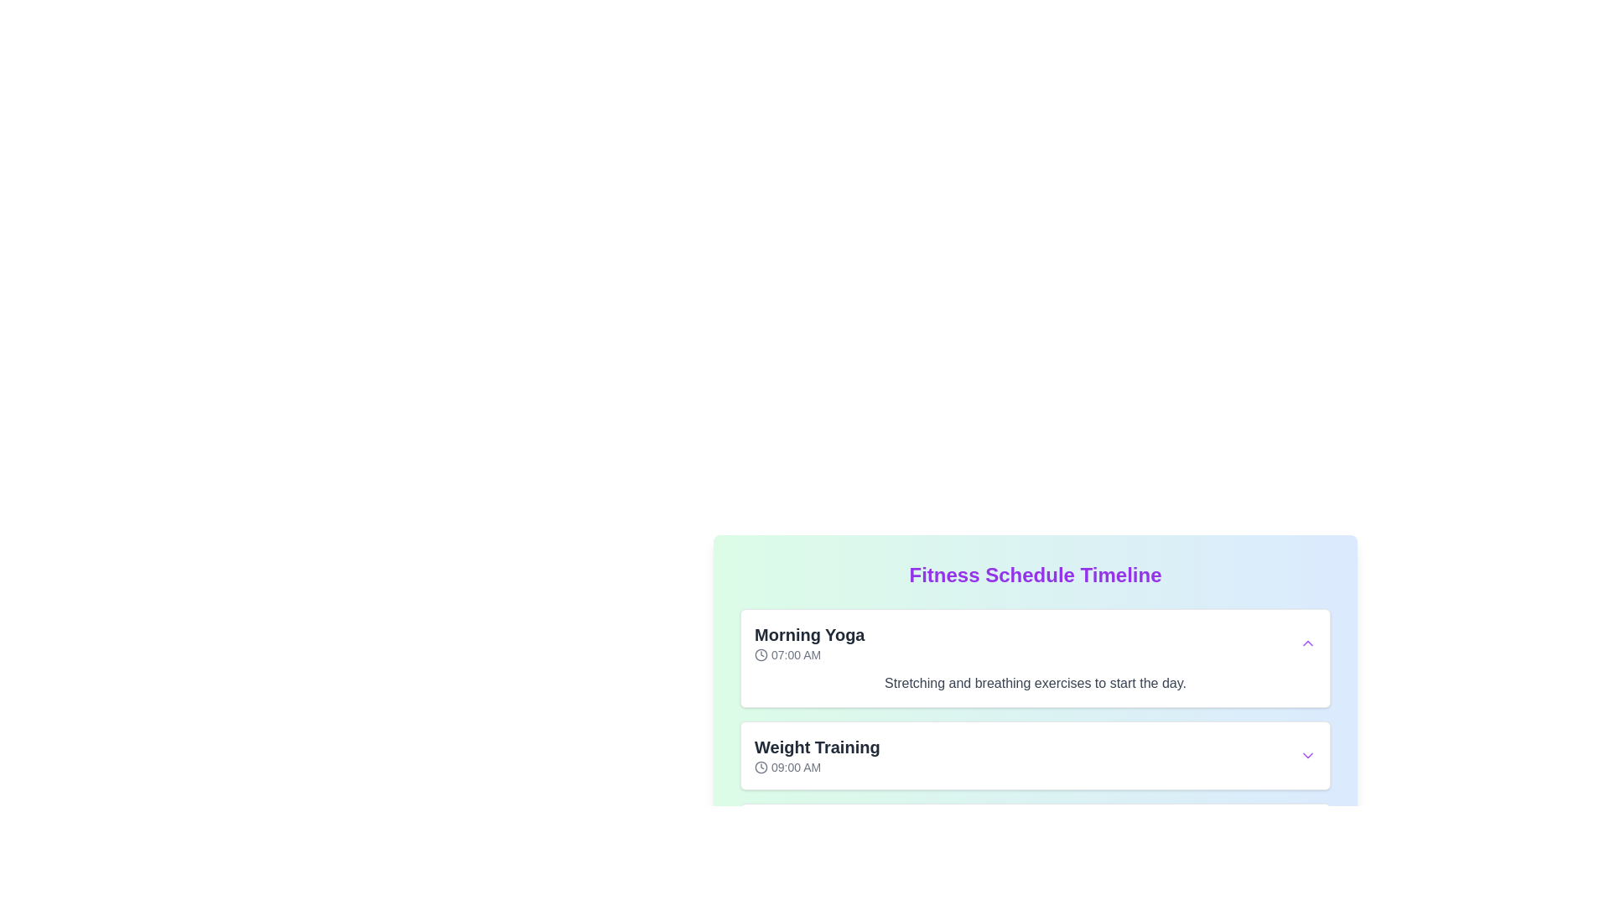 The image size is (1610, 906). Describe the element at coordinates (1034, 740) in the screenshot. I see `the title of the second list item under the 'Fitness Schedule Timeline'` at that location.